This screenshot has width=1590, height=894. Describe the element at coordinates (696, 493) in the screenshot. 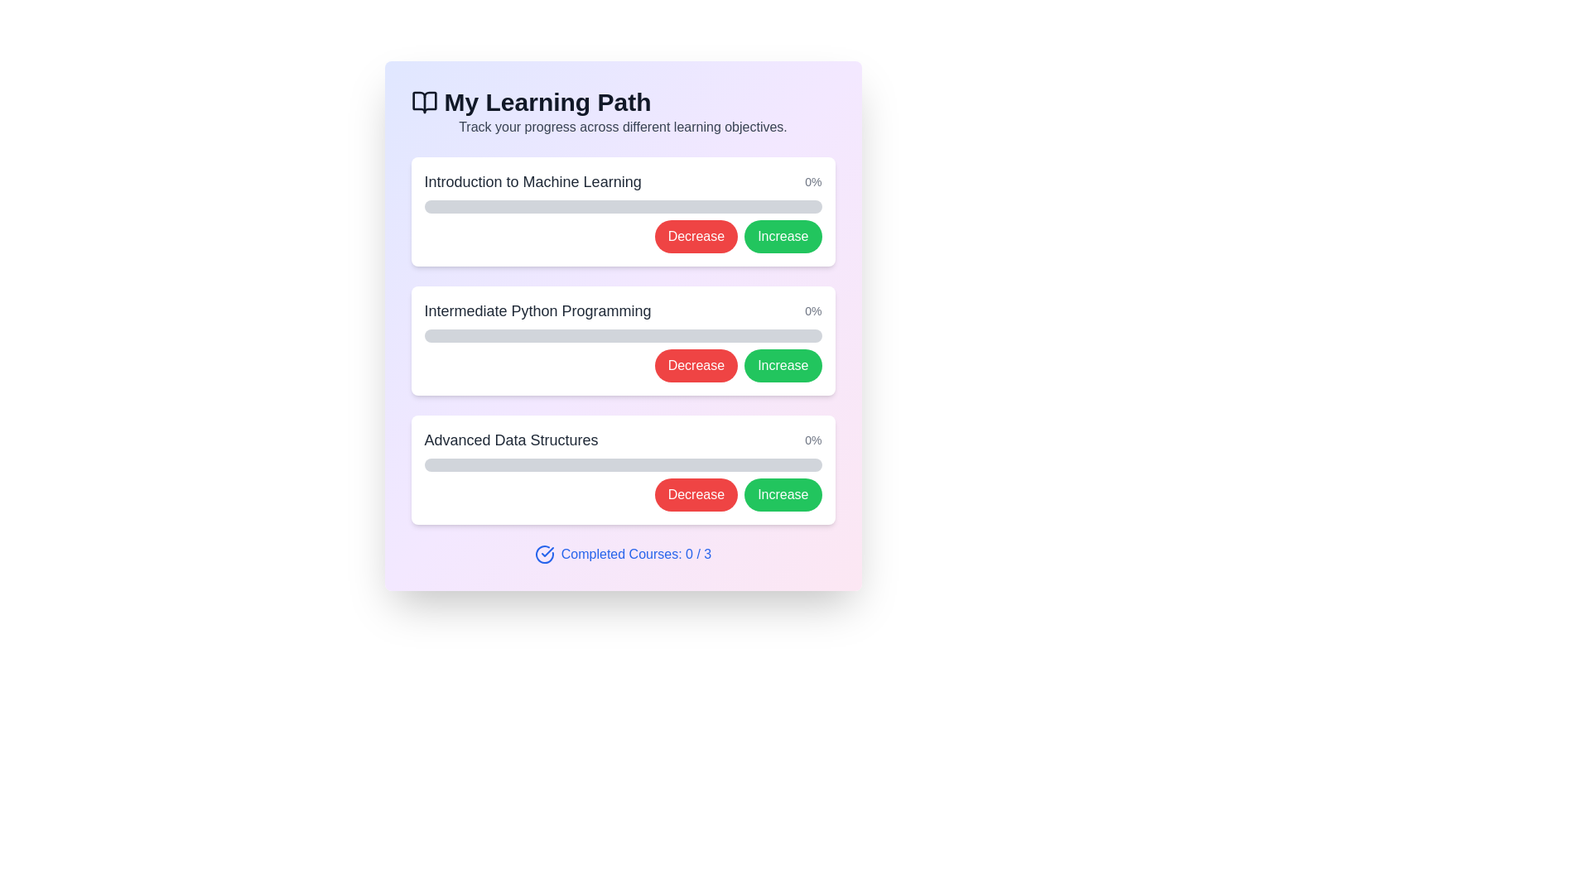

I see `the 'Decrease' button with a red background and white text, located in the bottom-most row of controls in the 'Advanced Data Structures' section` at that location.